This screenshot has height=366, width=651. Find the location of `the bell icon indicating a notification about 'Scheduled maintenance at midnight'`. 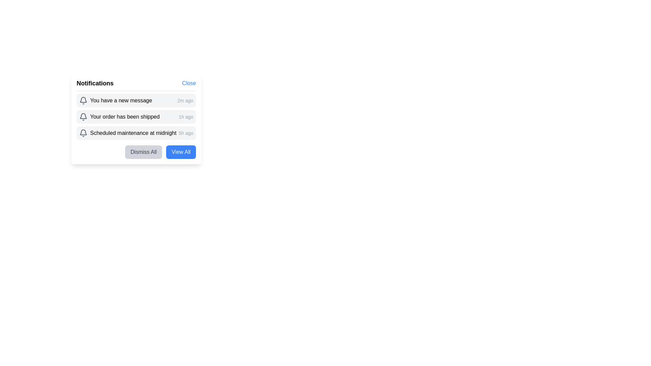

the bell icon indicating a notification about 'Scheduled maintenance at midnight' is located at coordinates (83, 133).